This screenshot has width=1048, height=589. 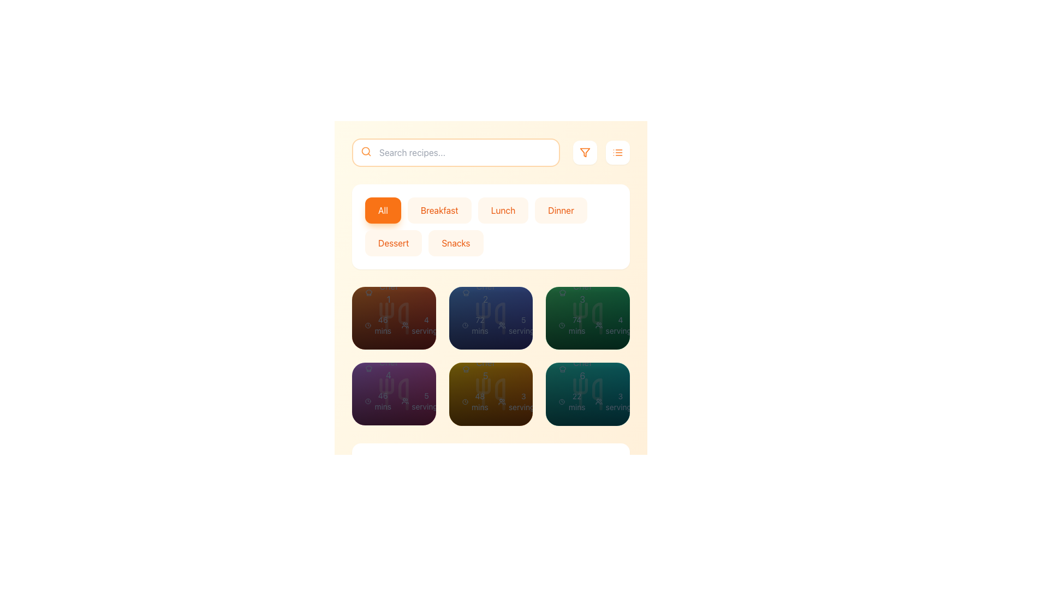 What do you see at coordinates (490, 318) in the screenshot?
I see `SVG icon with a gradient and text elements indicating time and servings, located in the third column of the first row of a 3x2 grid layout` at bounding box center [490, 318].